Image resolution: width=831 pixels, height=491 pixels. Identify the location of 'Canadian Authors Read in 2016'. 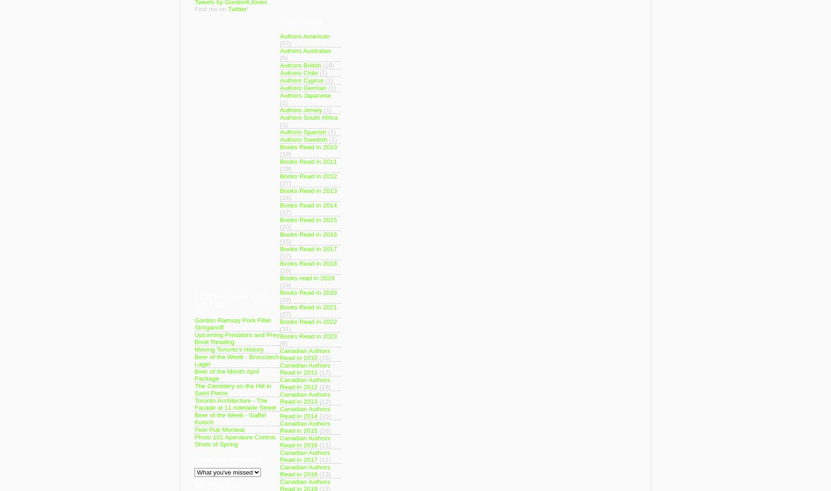
(279, 441).